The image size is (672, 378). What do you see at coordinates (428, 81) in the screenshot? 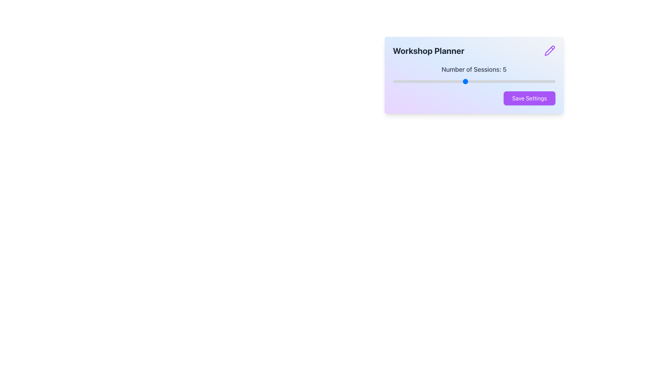
I see `the slider` at bounding box center [428, 81].